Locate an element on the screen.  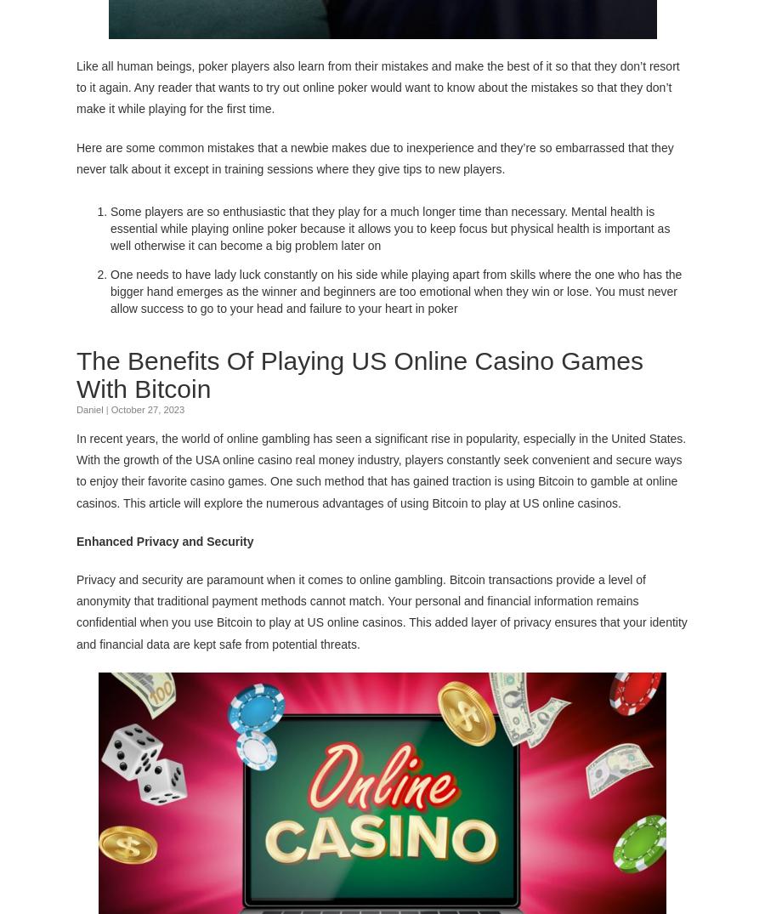
'Daniel' is located at coordinates (88, 407).